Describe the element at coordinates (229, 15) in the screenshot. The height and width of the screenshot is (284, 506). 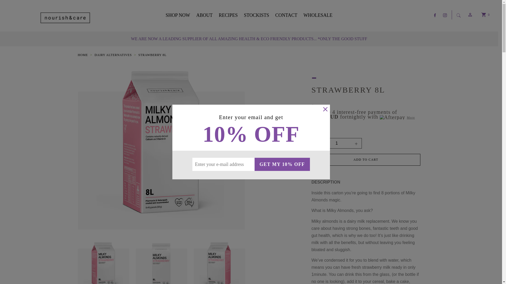
I see `'RECIPES'` at that location.